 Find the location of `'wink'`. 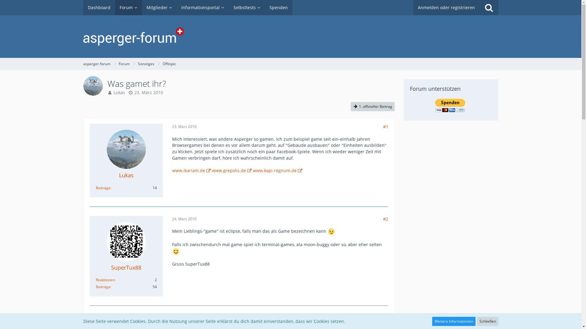

'wink' is located at coordinates (331, 232).